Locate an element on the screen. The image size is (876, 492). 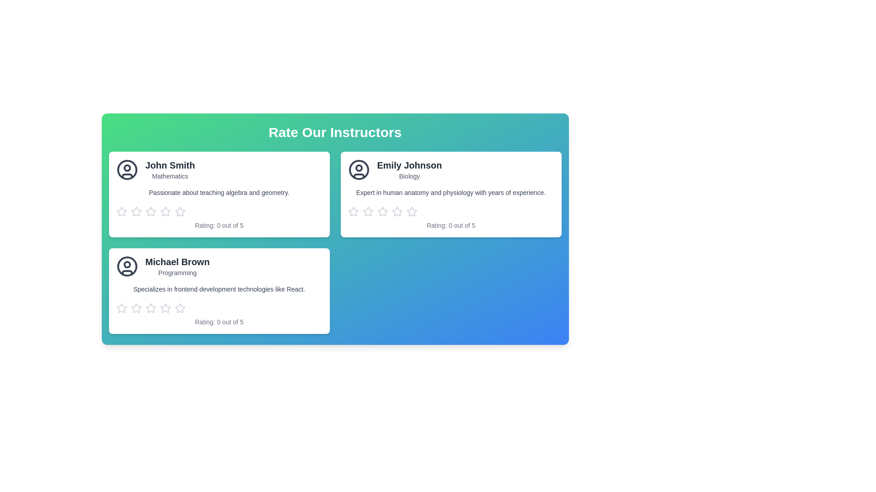
the text label displaying 'Mathematics' located below 'John Smith' within the first card of the instructor list is located at coordinates (170, 176).